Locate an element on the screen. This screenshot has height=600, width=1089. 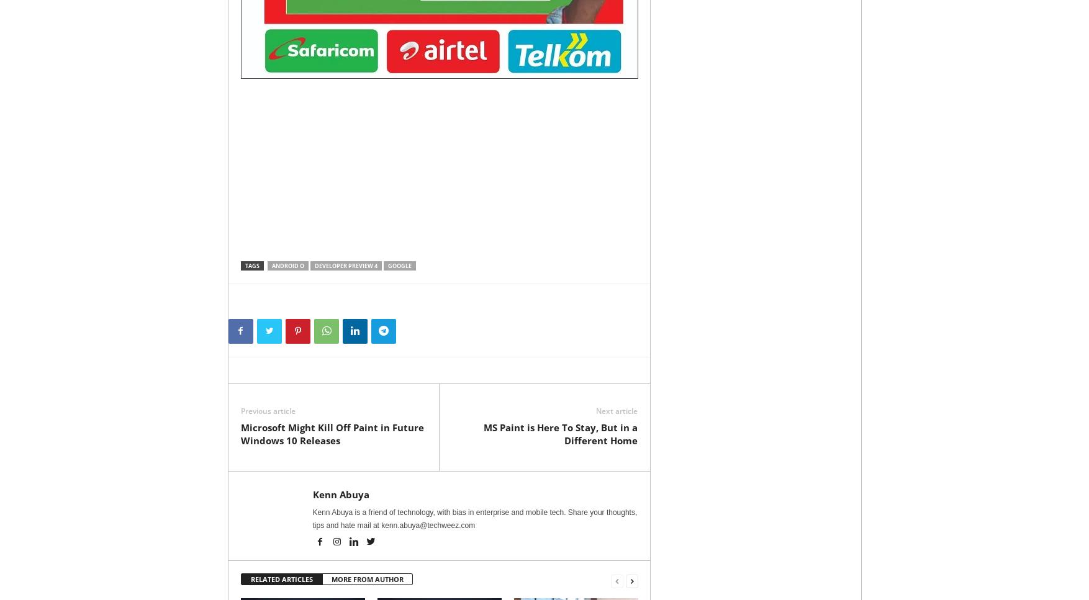
'Developer Preview 4' is located at coordinates (345, 265).